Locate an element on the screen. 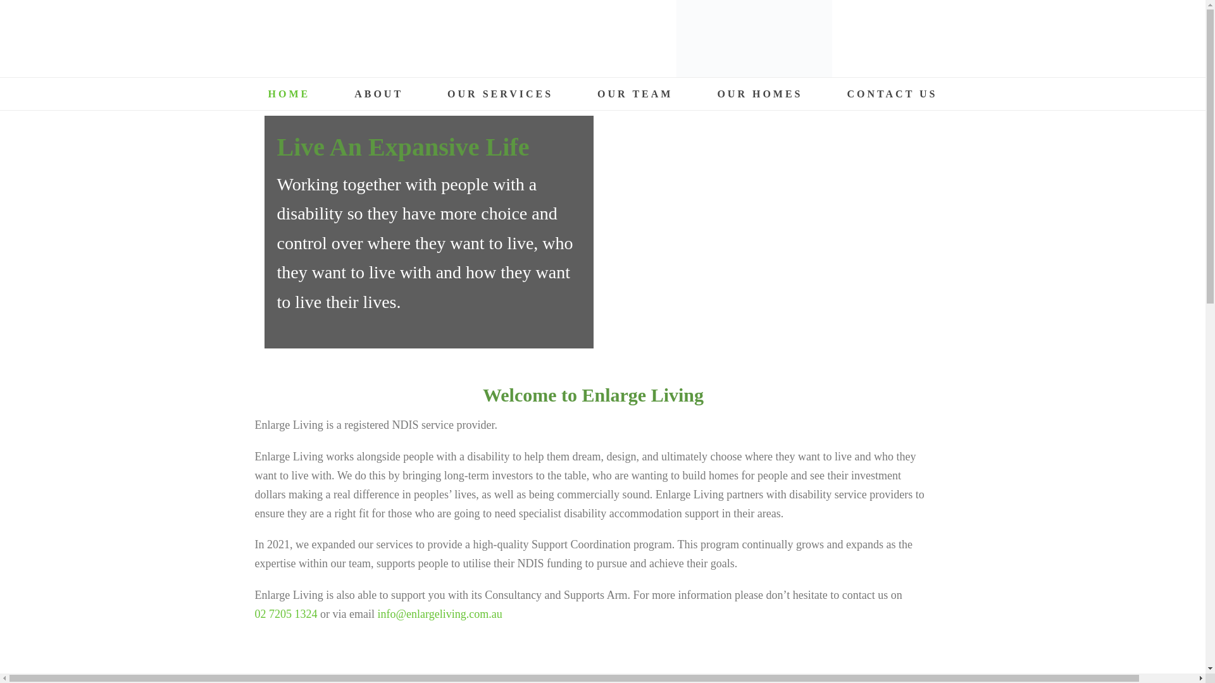 The image size is (1215, 683). 'ABOUT' is located at coordinates (332, 93).